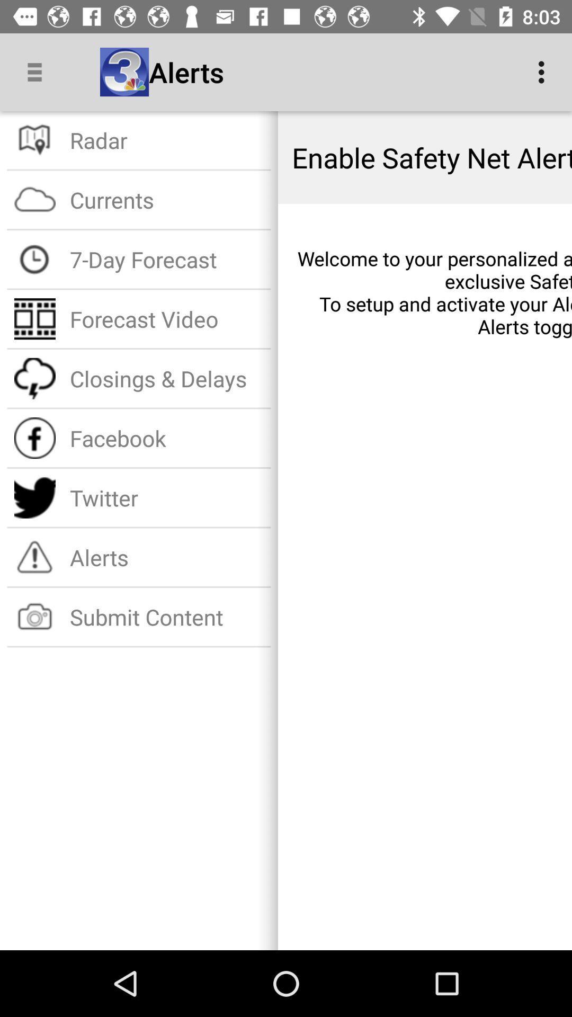  What do you see at coordinates (167, 438) in the screenshot?
I see `facebook icon` at bounding box center [167, 438].